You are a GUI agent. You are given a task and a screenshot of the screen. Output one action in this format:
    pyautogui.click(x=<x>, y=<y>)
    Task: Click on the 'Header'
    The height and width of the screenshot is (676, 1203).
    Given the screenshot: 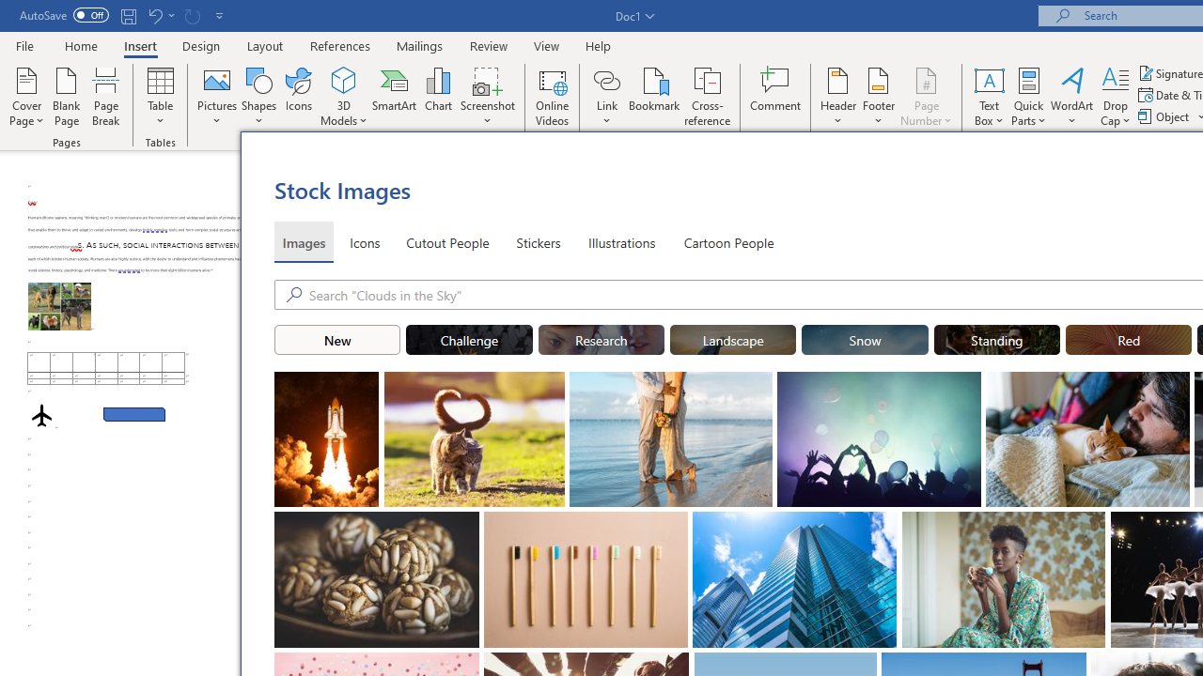 What is the action you would take?
    pyautogui.click(x=837, y=97)
    